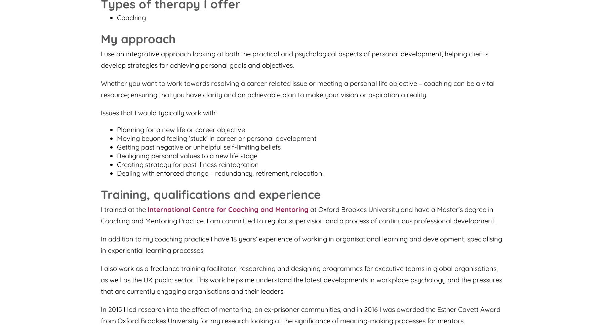  What do you see at coordinates (131, 17) in the screenshot?
I see `'Coaching'` at bounding box center [131, 17].